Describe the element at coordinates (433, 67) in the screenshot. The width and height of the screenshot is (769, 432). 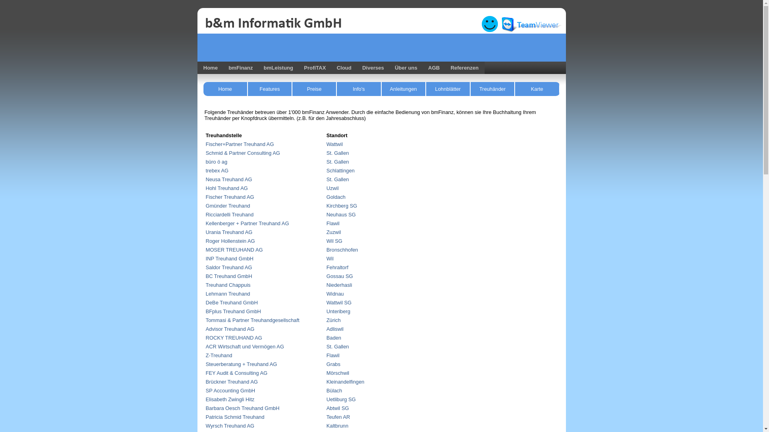
I see `'AGB'` at that location.